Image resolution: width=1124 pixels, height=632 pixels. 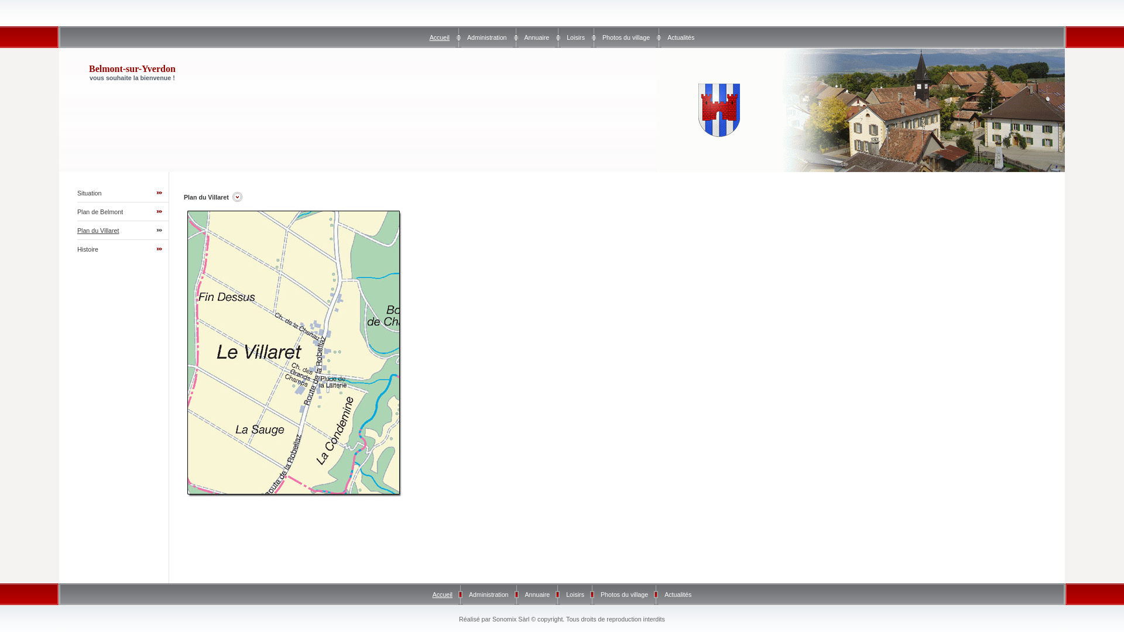 What do you see at coordinates (623, 594) in the screenshot?
I see `'Photos du village'` at bounding box center [623, 594].